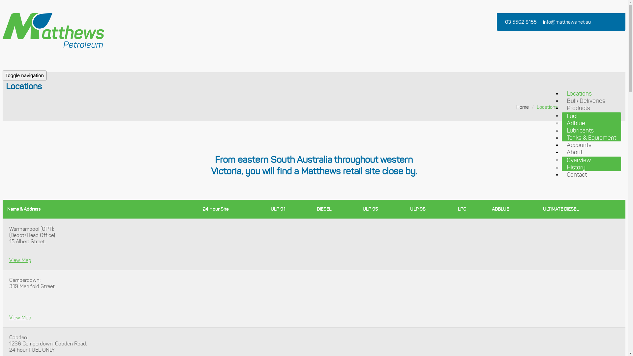 The image size is (633, 356). I want to click on '03 5562 8155', so click(521, 21).